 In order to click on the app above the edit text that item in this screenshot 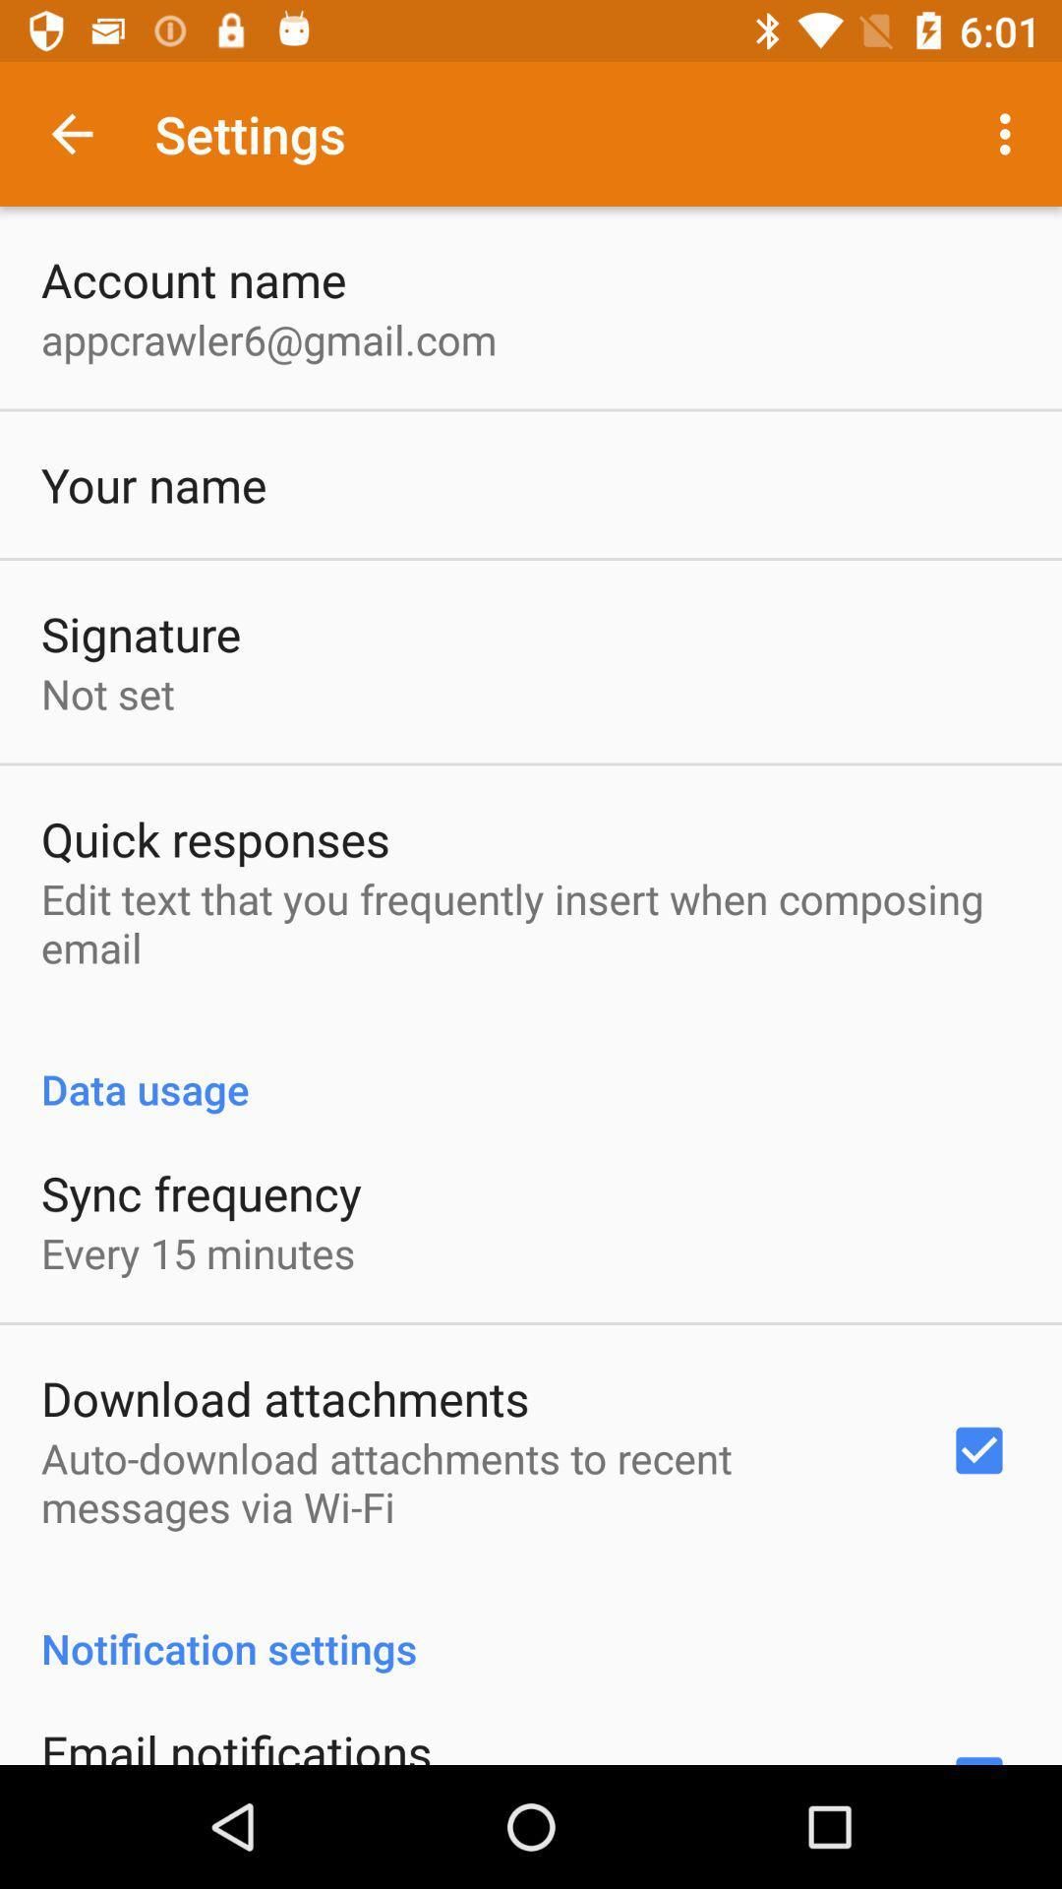, I will do `click(215, 838)`.